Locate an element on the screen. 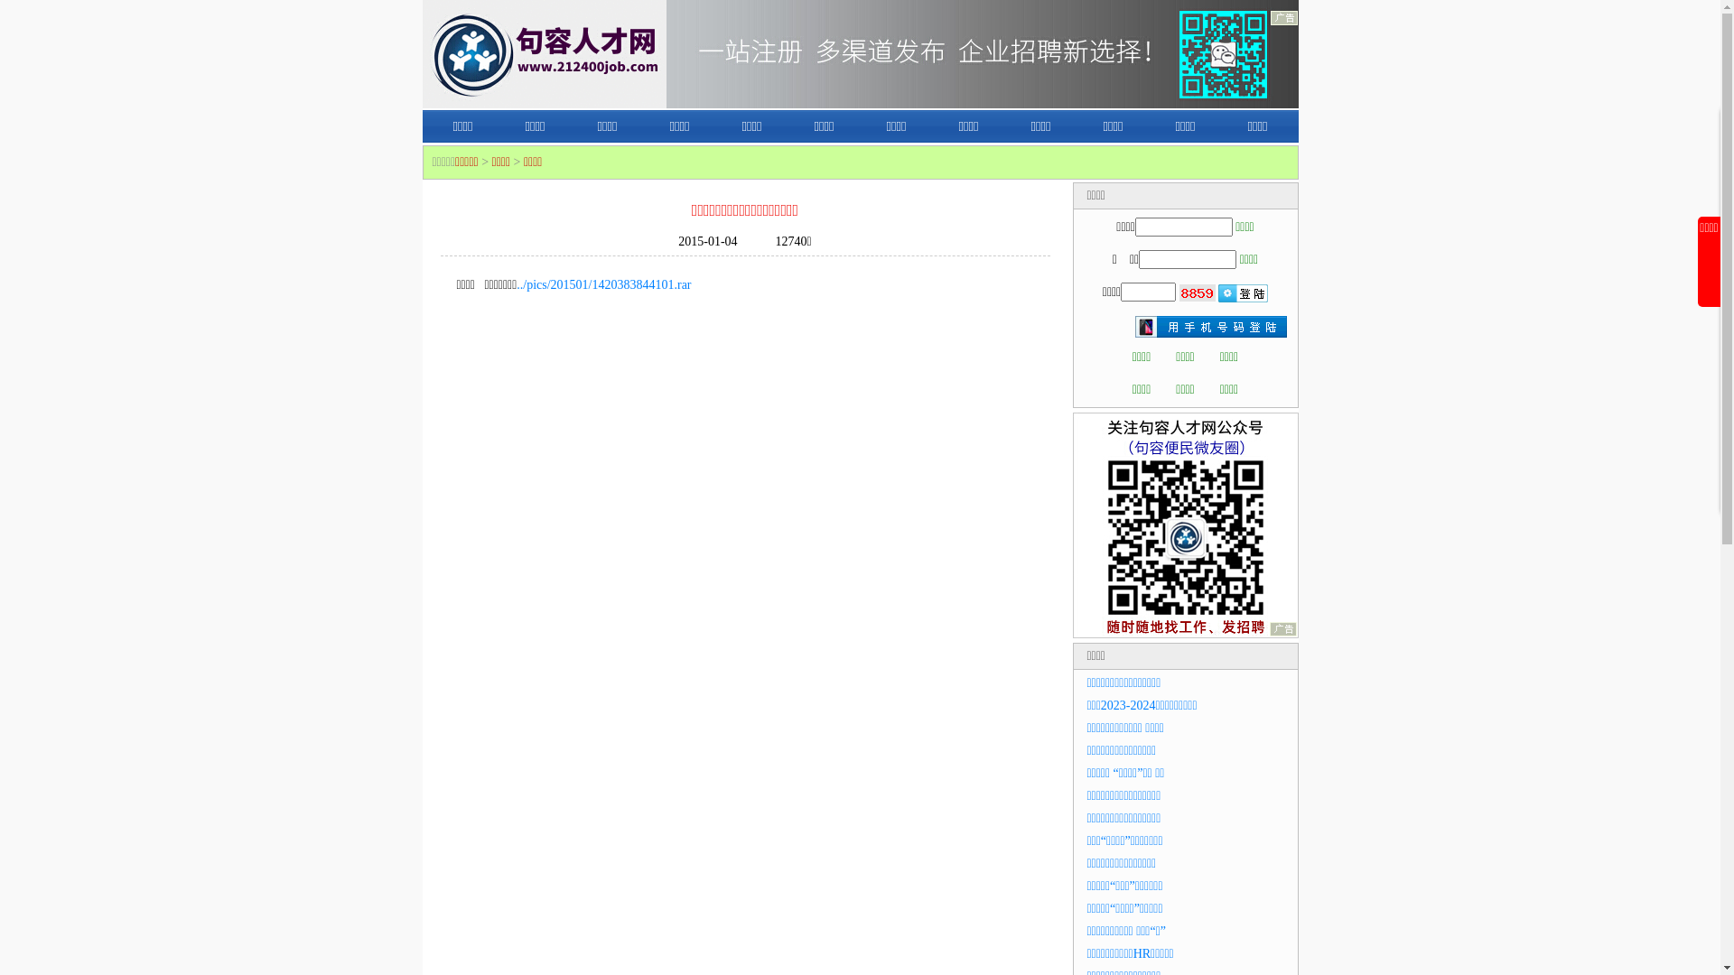 The width and height of the screenshot is (1734, 975). '../pics/201501/1420383844101.rar' is located at coordinates (603, 284).